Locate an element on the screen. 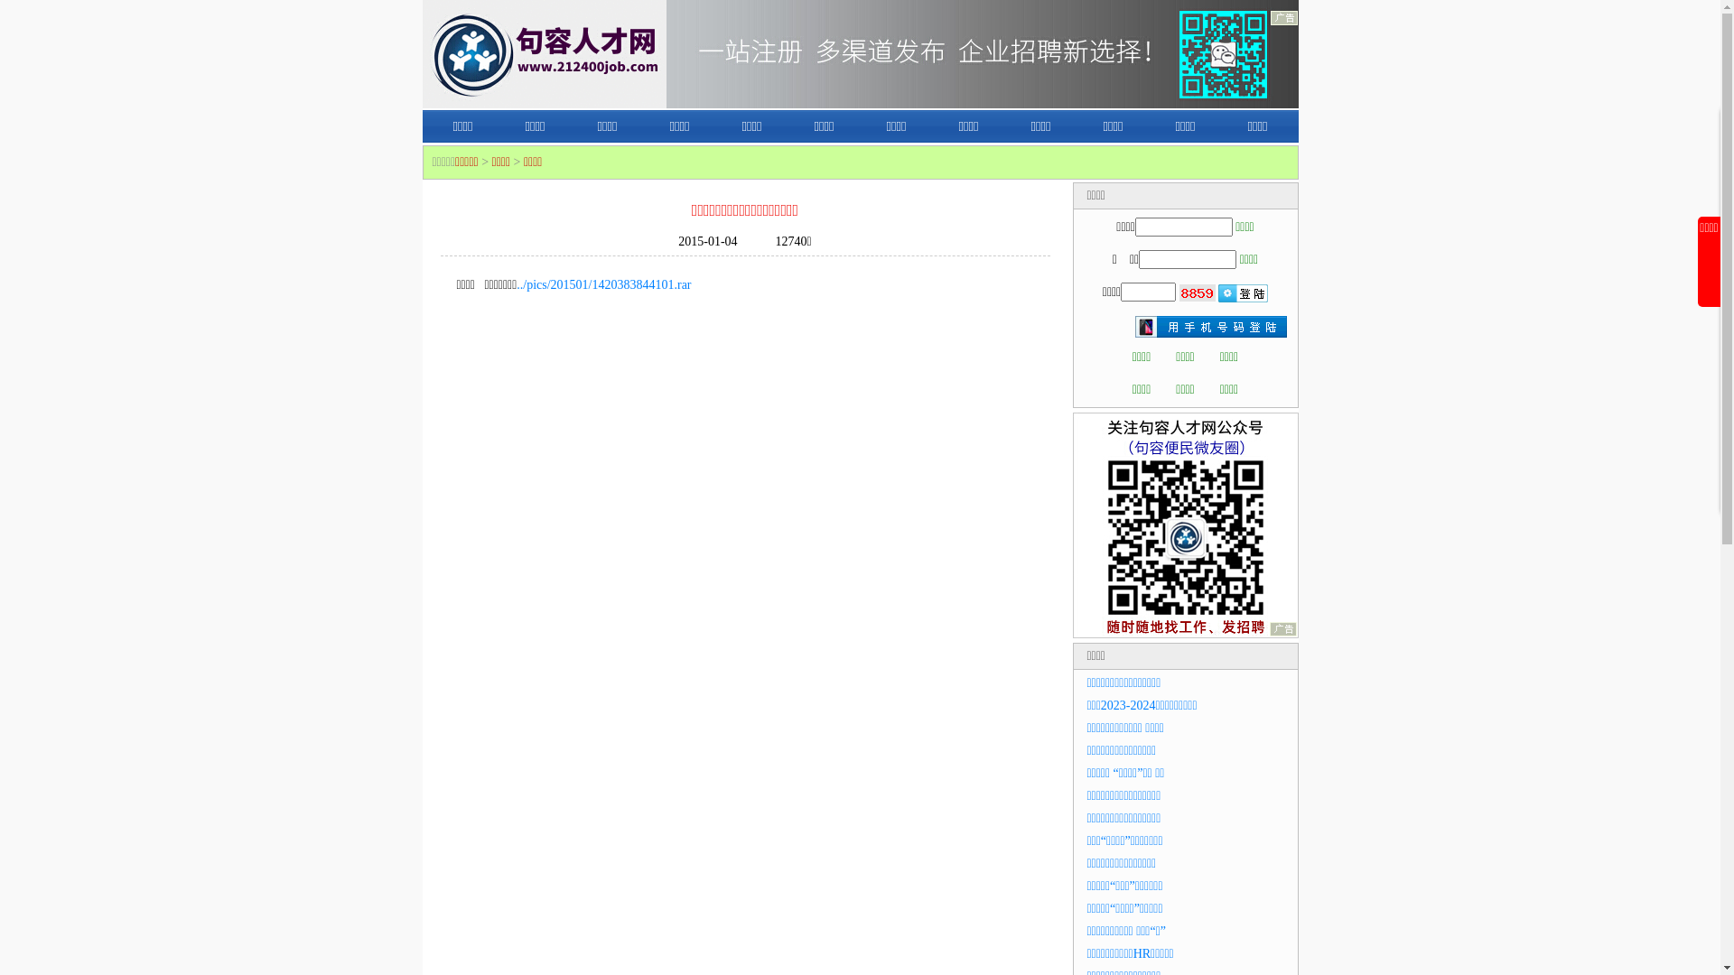 The width and height of the screenshot is (1734, 975). '../pics/201501/1420383844101.rar' is located at coordinates (603, 284).